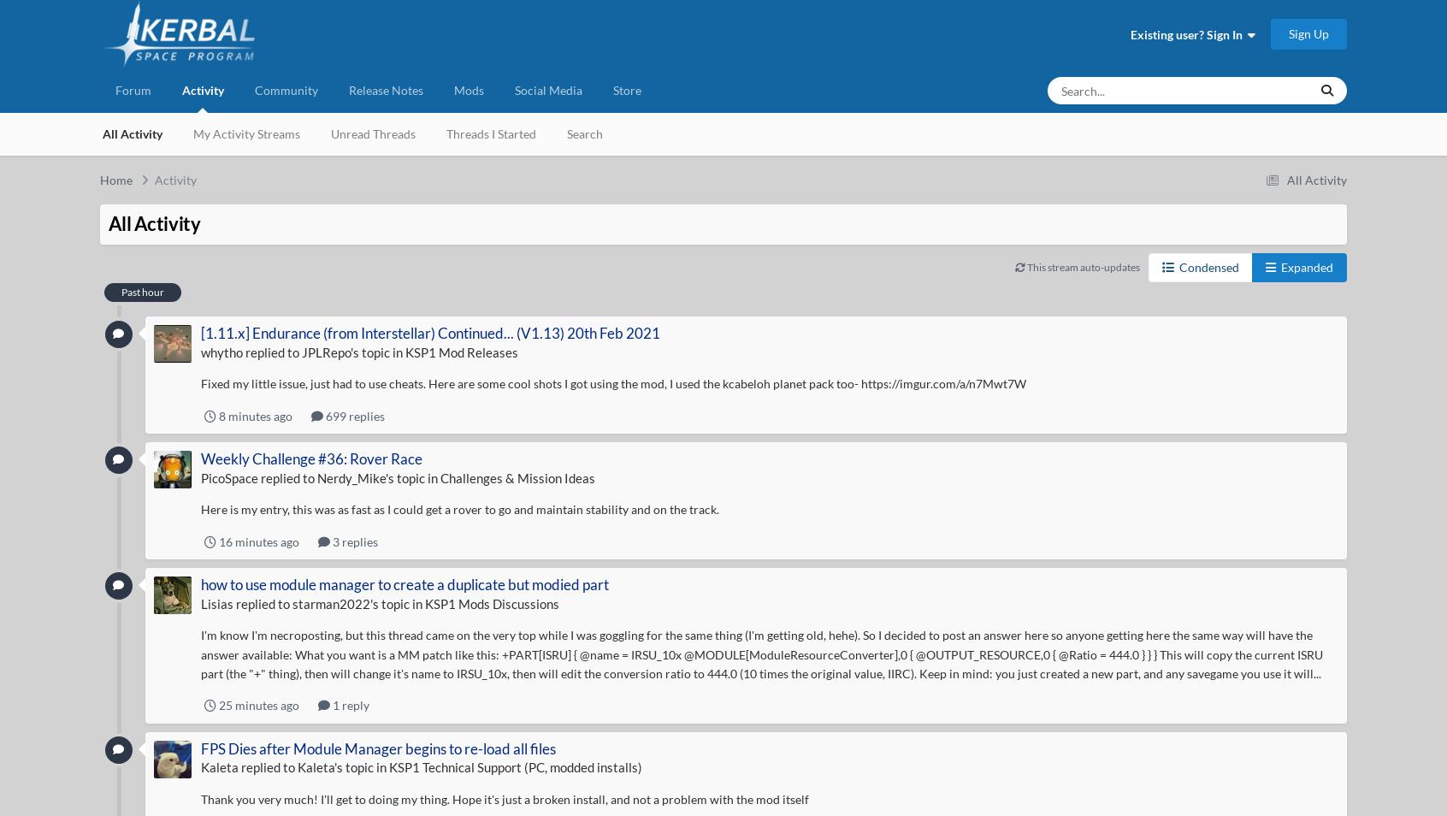 This screenshot has height=816, width=1447. Describe the element at coordinates (216, 602) in the screenshot. I see `'Lisias'` at that location.